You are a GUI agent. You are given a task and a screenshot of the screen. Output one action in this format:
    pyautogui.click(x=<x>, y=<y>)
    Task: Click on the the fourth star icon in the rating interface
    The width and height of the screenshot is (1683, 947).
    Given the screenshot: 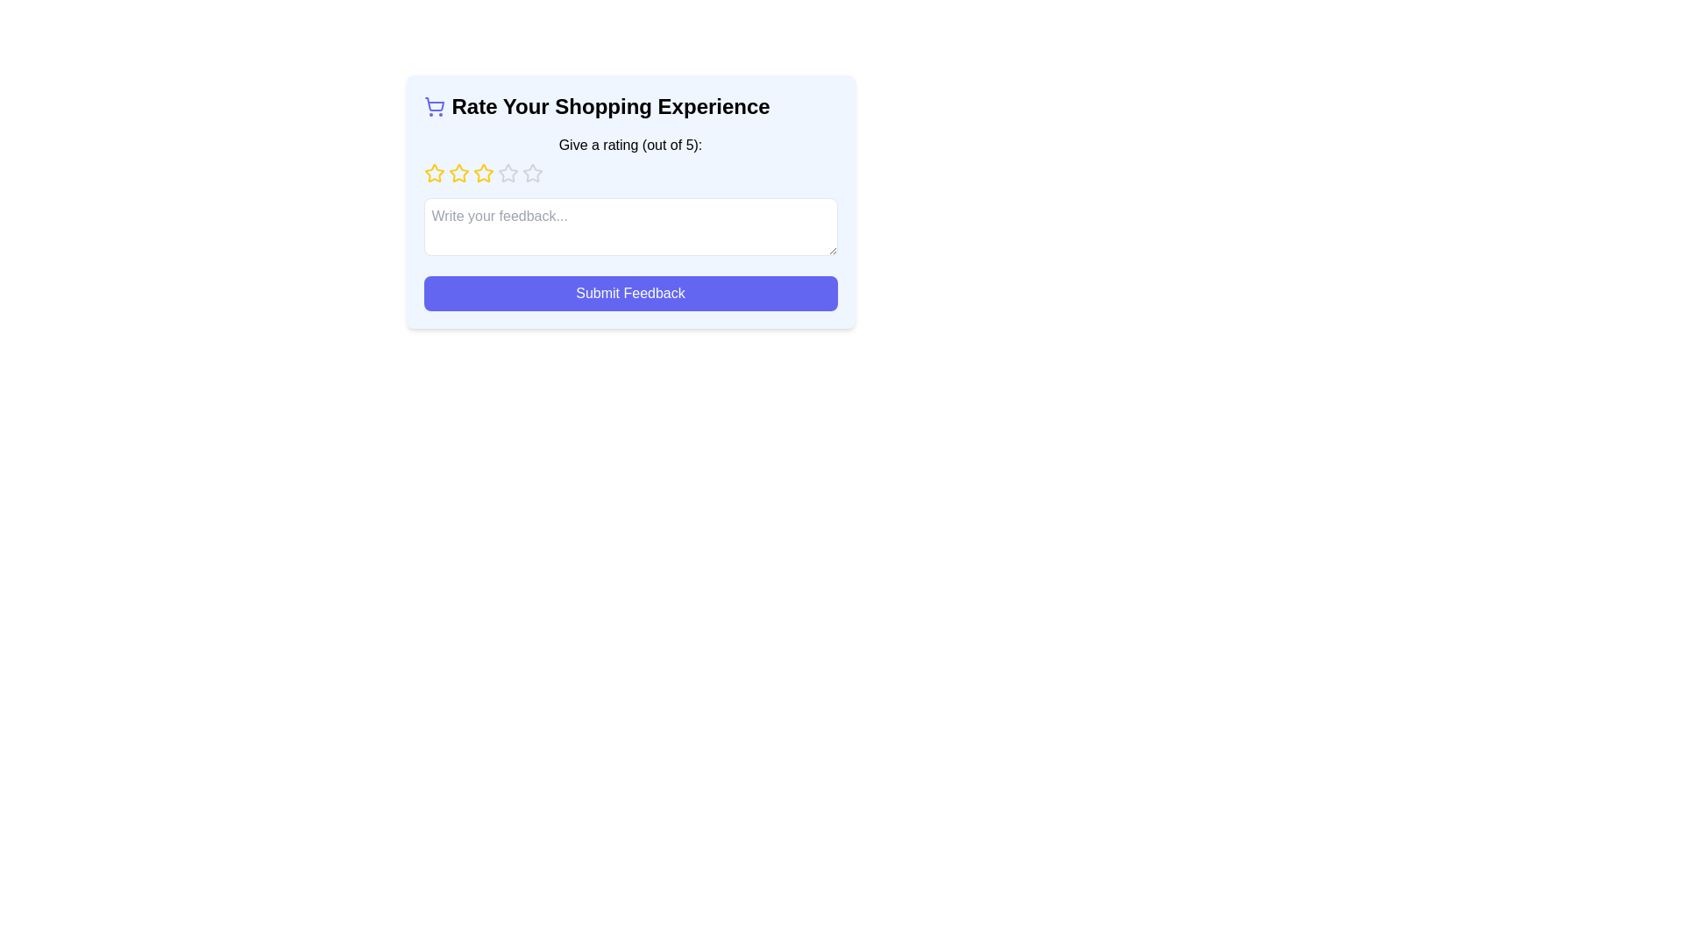 What is the action you would take?
    pyautogui.click(x=507, y=173)
    